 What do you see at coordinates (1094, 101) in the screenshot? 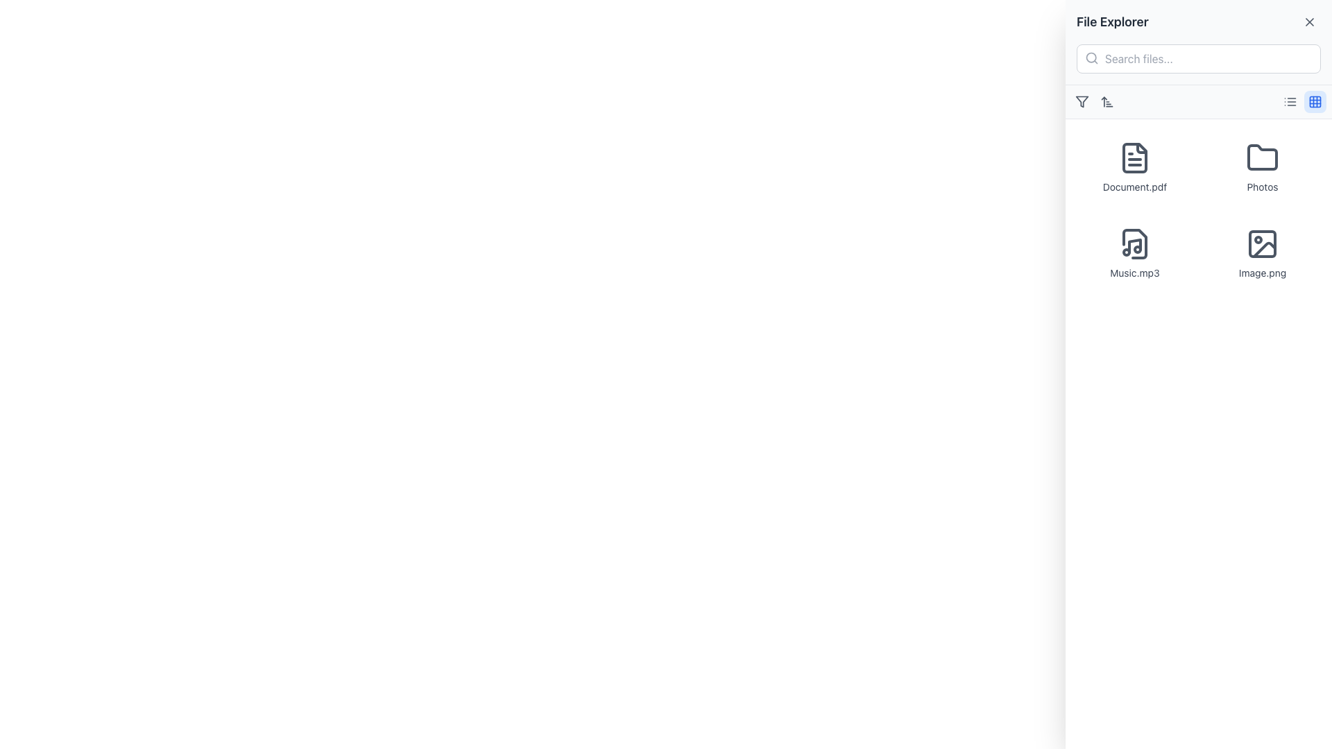
I see `the first icon group in the top bar of the file explorer interface, which provides options for filtering or sorting the displayed items` at bounding box center [1094, 101].